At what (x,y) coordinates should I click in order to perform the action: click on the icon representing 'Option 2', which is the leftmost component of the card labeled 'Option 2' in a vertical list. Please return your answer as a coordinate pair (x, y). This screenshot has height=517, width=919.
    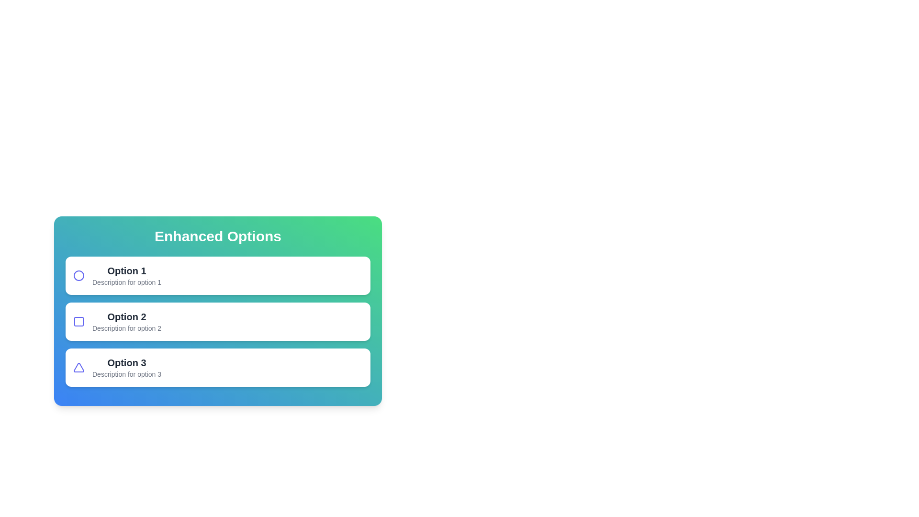
    Looking at the image, I should click on (78, 321).